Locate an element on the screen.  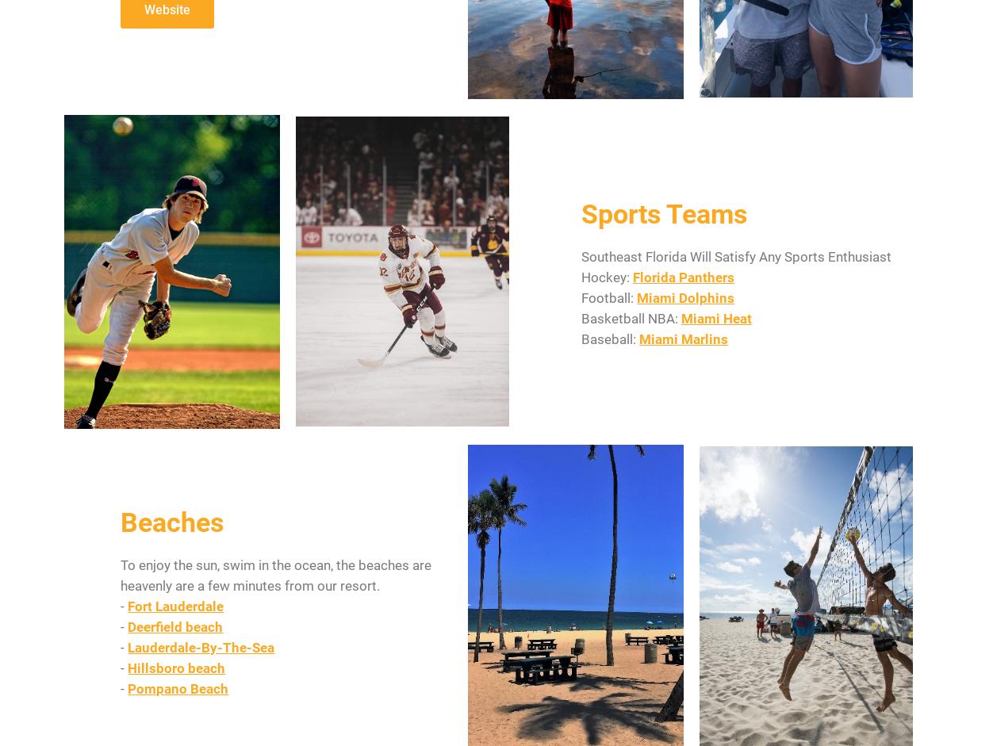
'Lauderdale-By-The-Sea' is located at coordinates (200, 646).